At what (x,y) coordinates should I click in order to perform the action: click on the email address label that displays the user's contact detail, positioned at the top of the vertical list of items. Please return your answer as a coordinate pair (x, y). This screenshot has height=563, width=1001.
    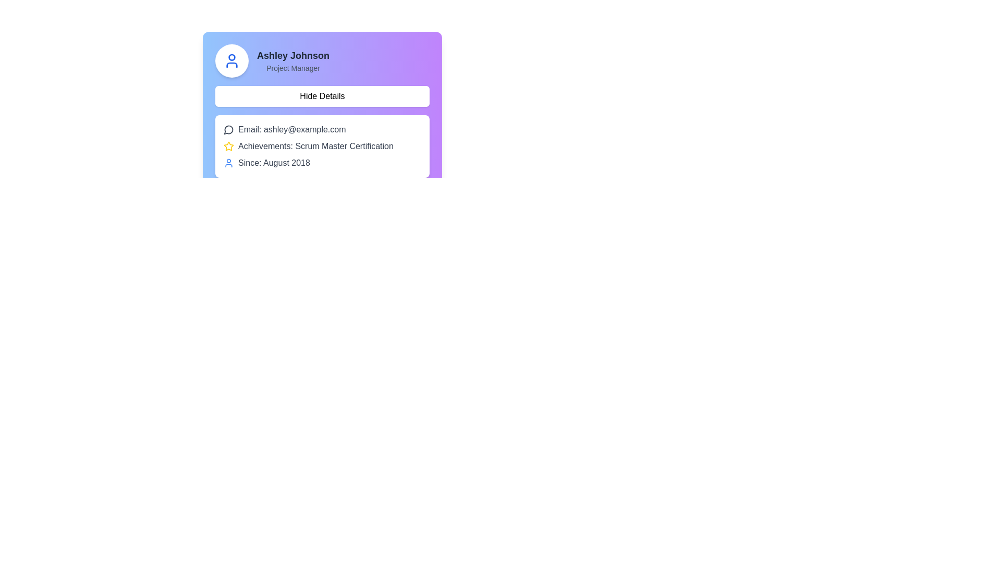
    Looking at the image, I should click on (322, 129).